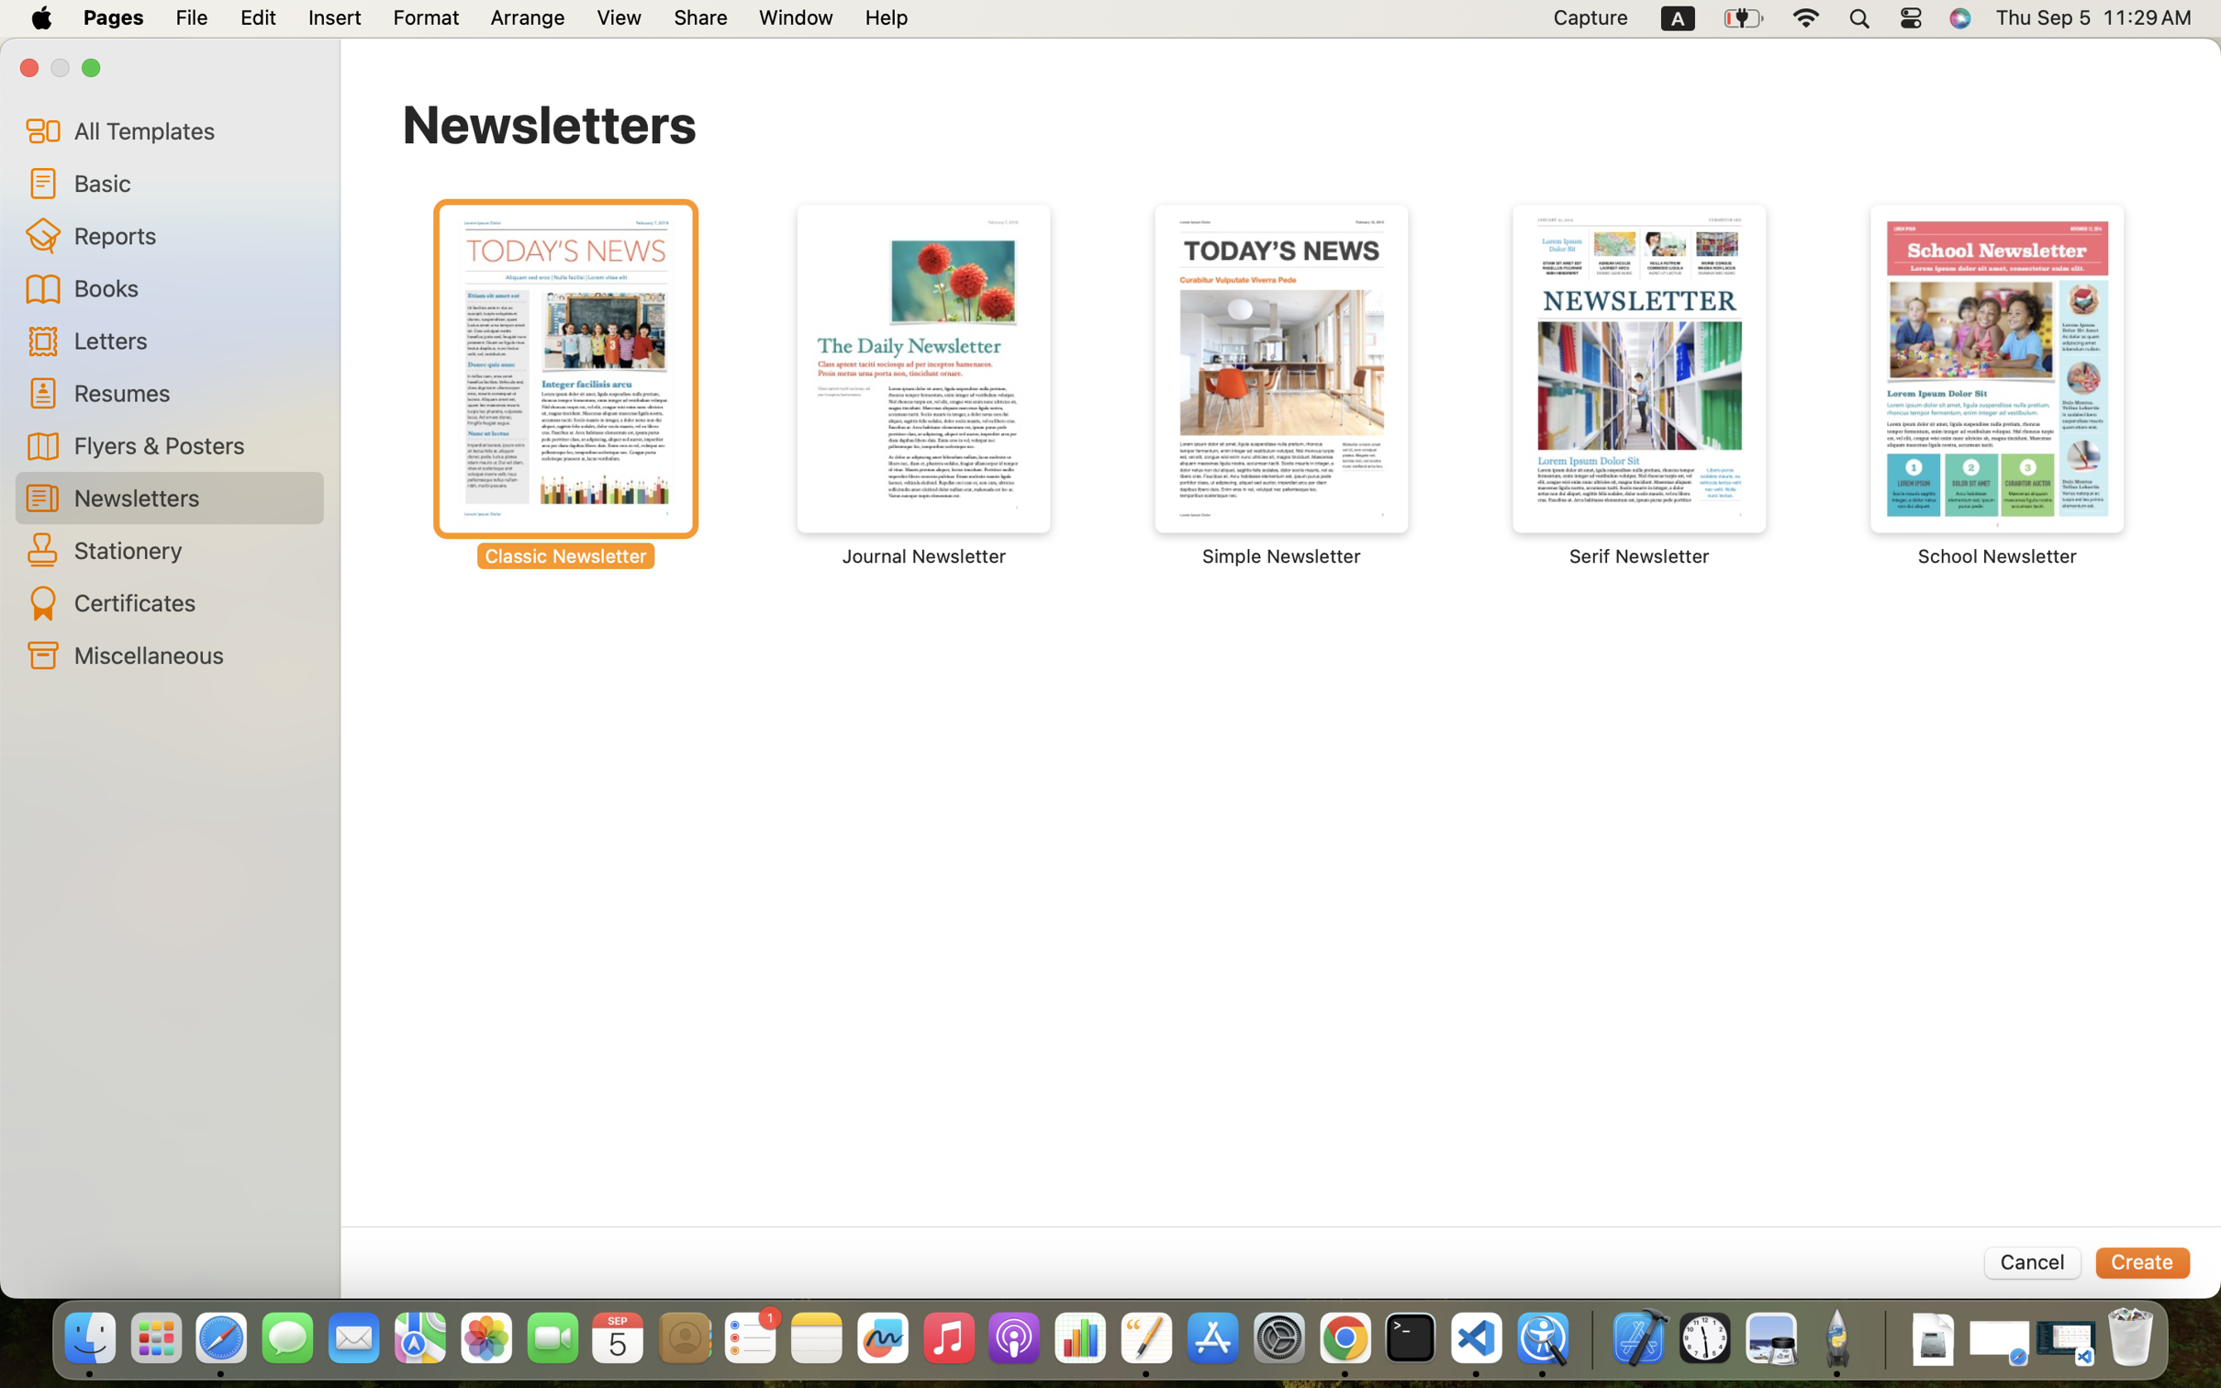  Describe the element at coordinates (1282, 385) in the screenshot. I see `'‎⁨Simple Newsletter⁩'` at that location.